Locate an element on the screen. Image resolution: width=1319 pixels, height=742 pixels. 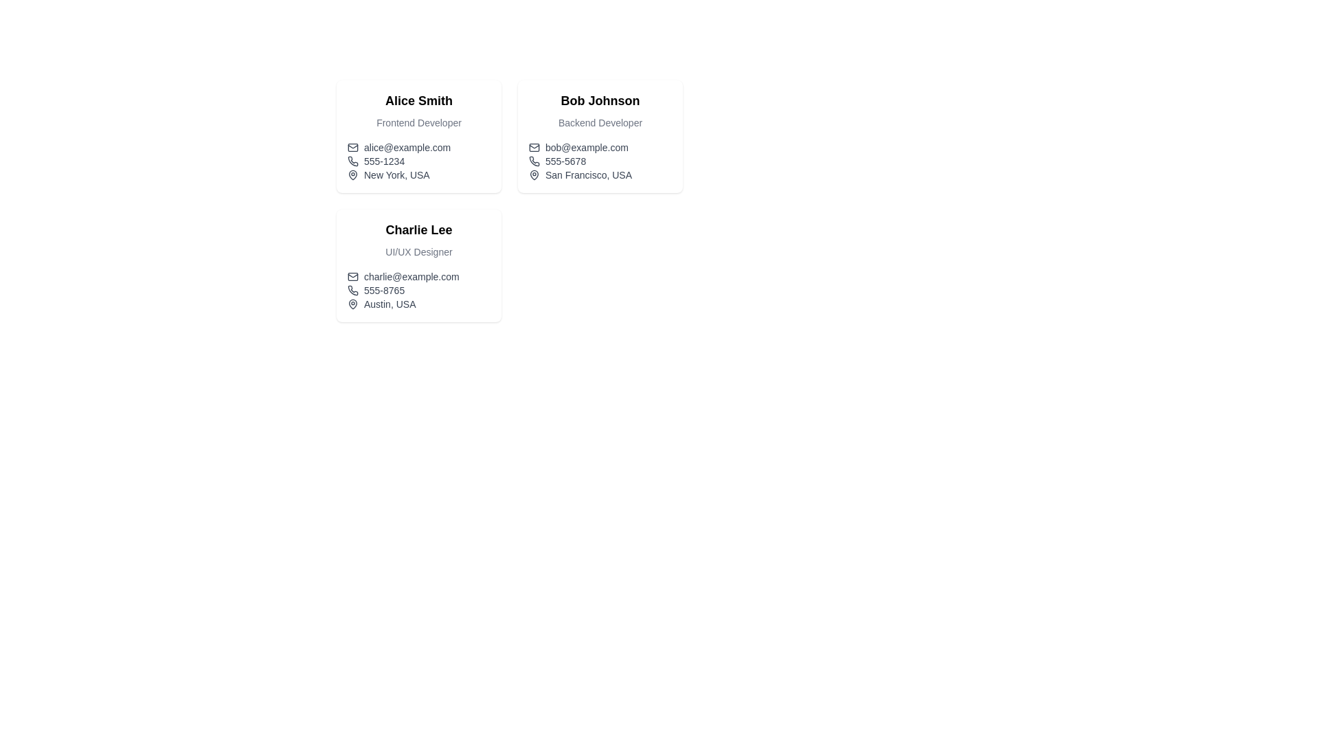
the email address text display located in the card of 'Alice Smith', positioned below her name and job title, and aligned to the right of a small mail icon is located at coordinates (407, 148).